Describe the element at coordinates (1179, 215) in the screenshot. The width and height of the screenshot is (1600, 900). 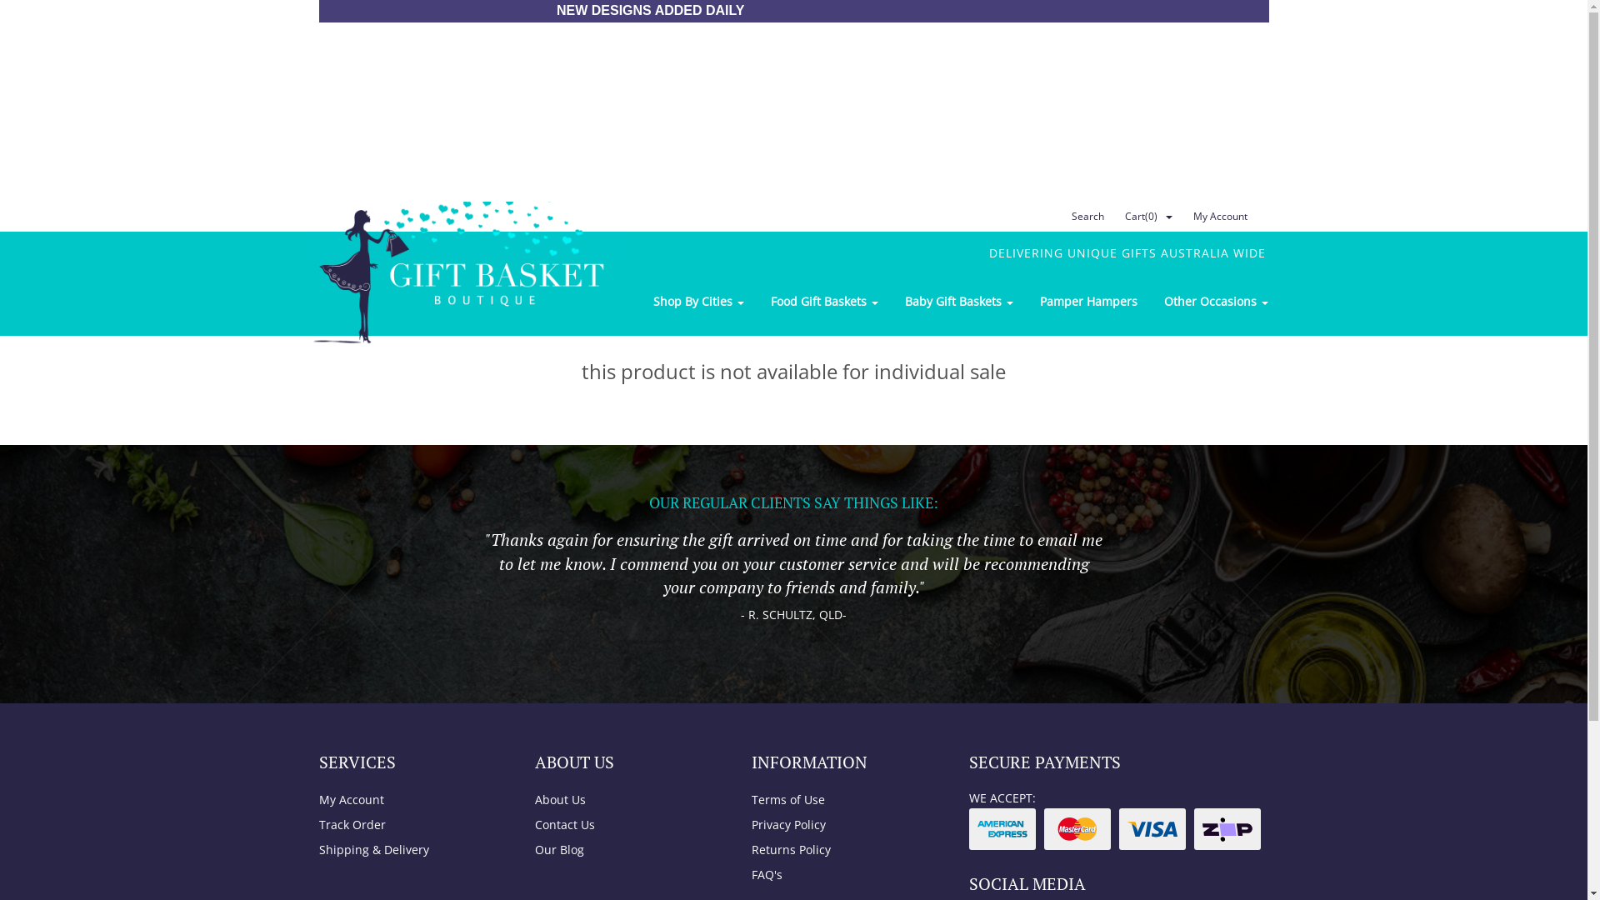
I see `'My Account'` at that location.